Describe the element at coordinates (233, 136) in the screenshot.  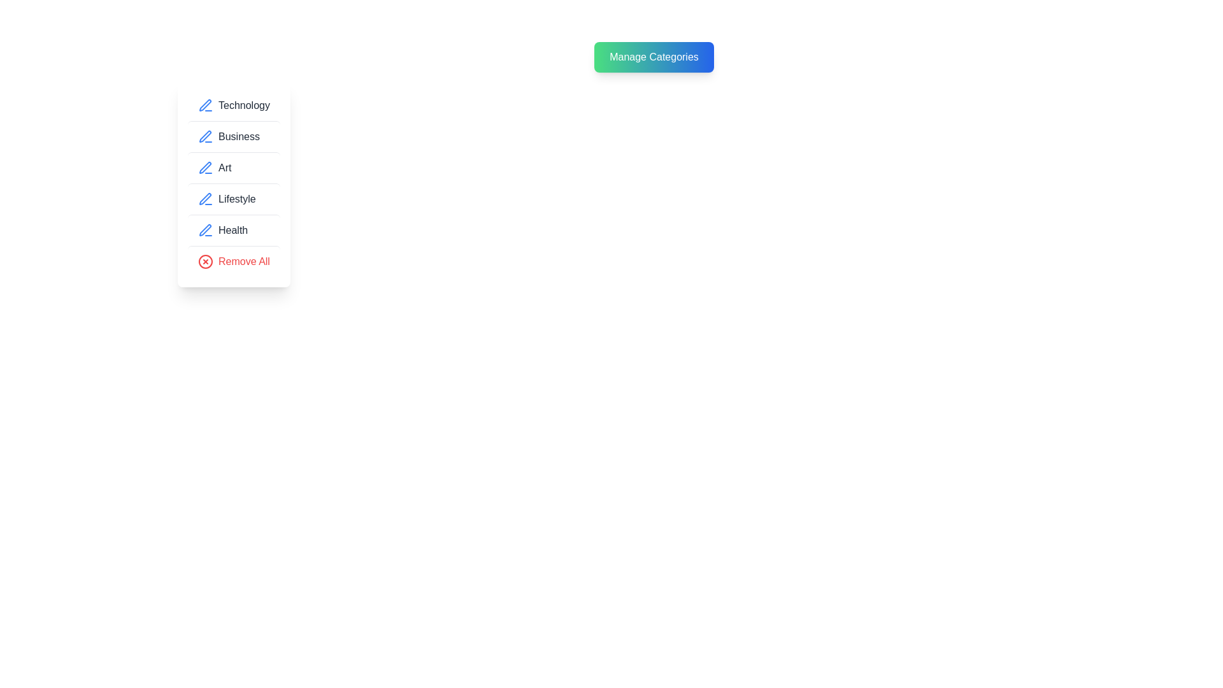
I see `the category item corresponding to Business` at that location.